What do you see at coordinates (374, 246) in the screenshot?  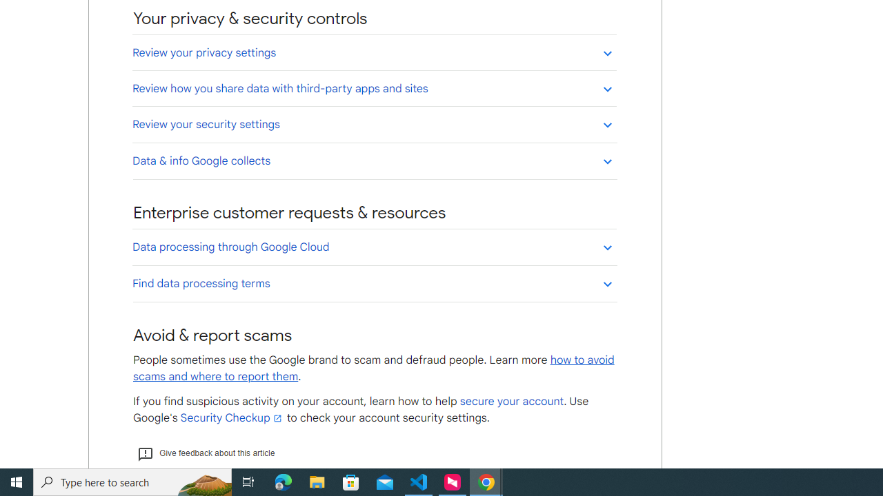 I see `'Data processing through Google Cloud'` at bounding box center [374, 246].